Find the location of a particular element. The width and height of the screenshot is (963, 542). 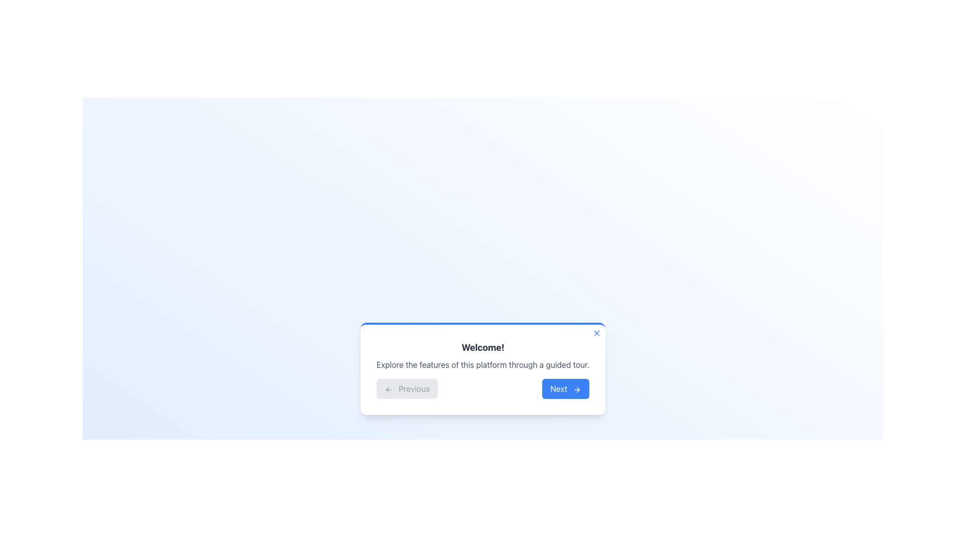

the small, left-pointing arrow icon embedded inside the 'Previous' button, which is centered horizontally at the bottom of the welcome modal is located at coordinates (388, 389).